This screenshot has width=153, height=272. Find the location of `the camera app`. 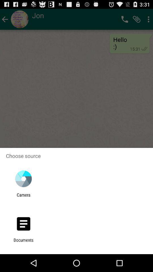

the camera app is located at coordinates (23, 197).